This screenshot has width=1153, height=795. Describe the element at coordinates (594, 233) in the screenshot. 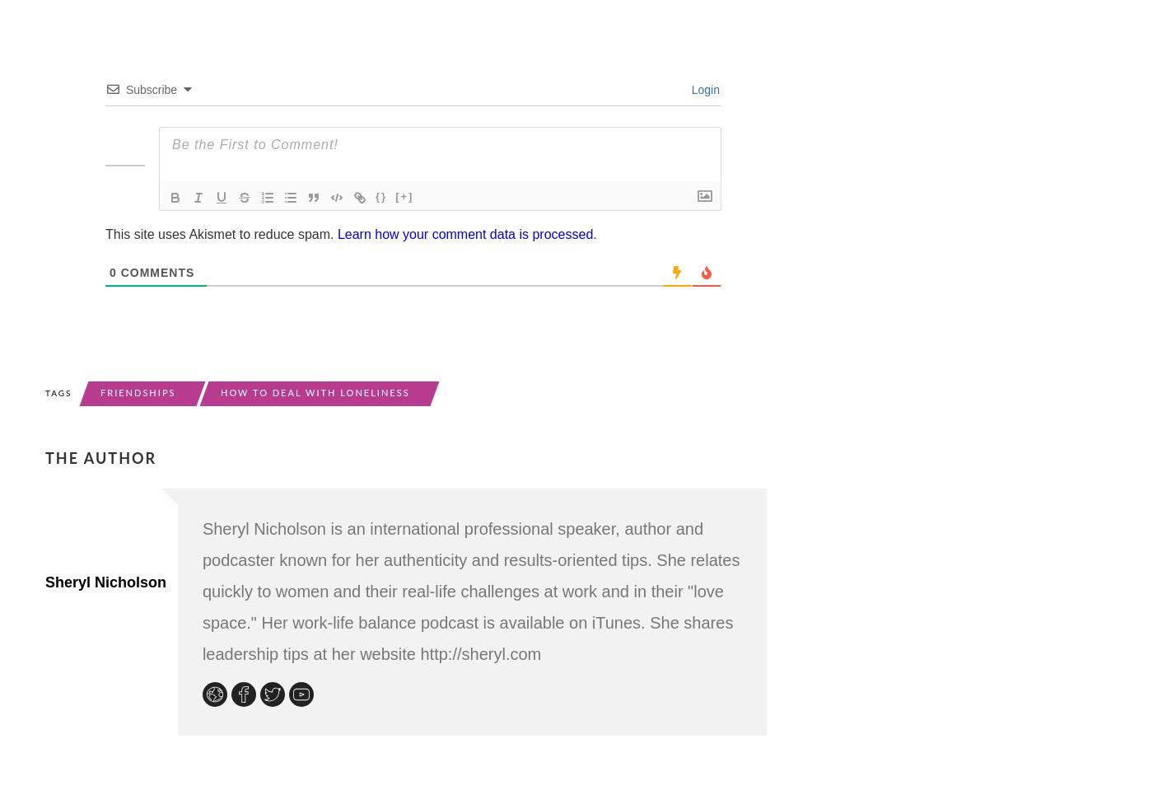

I see `'.'` at that location.